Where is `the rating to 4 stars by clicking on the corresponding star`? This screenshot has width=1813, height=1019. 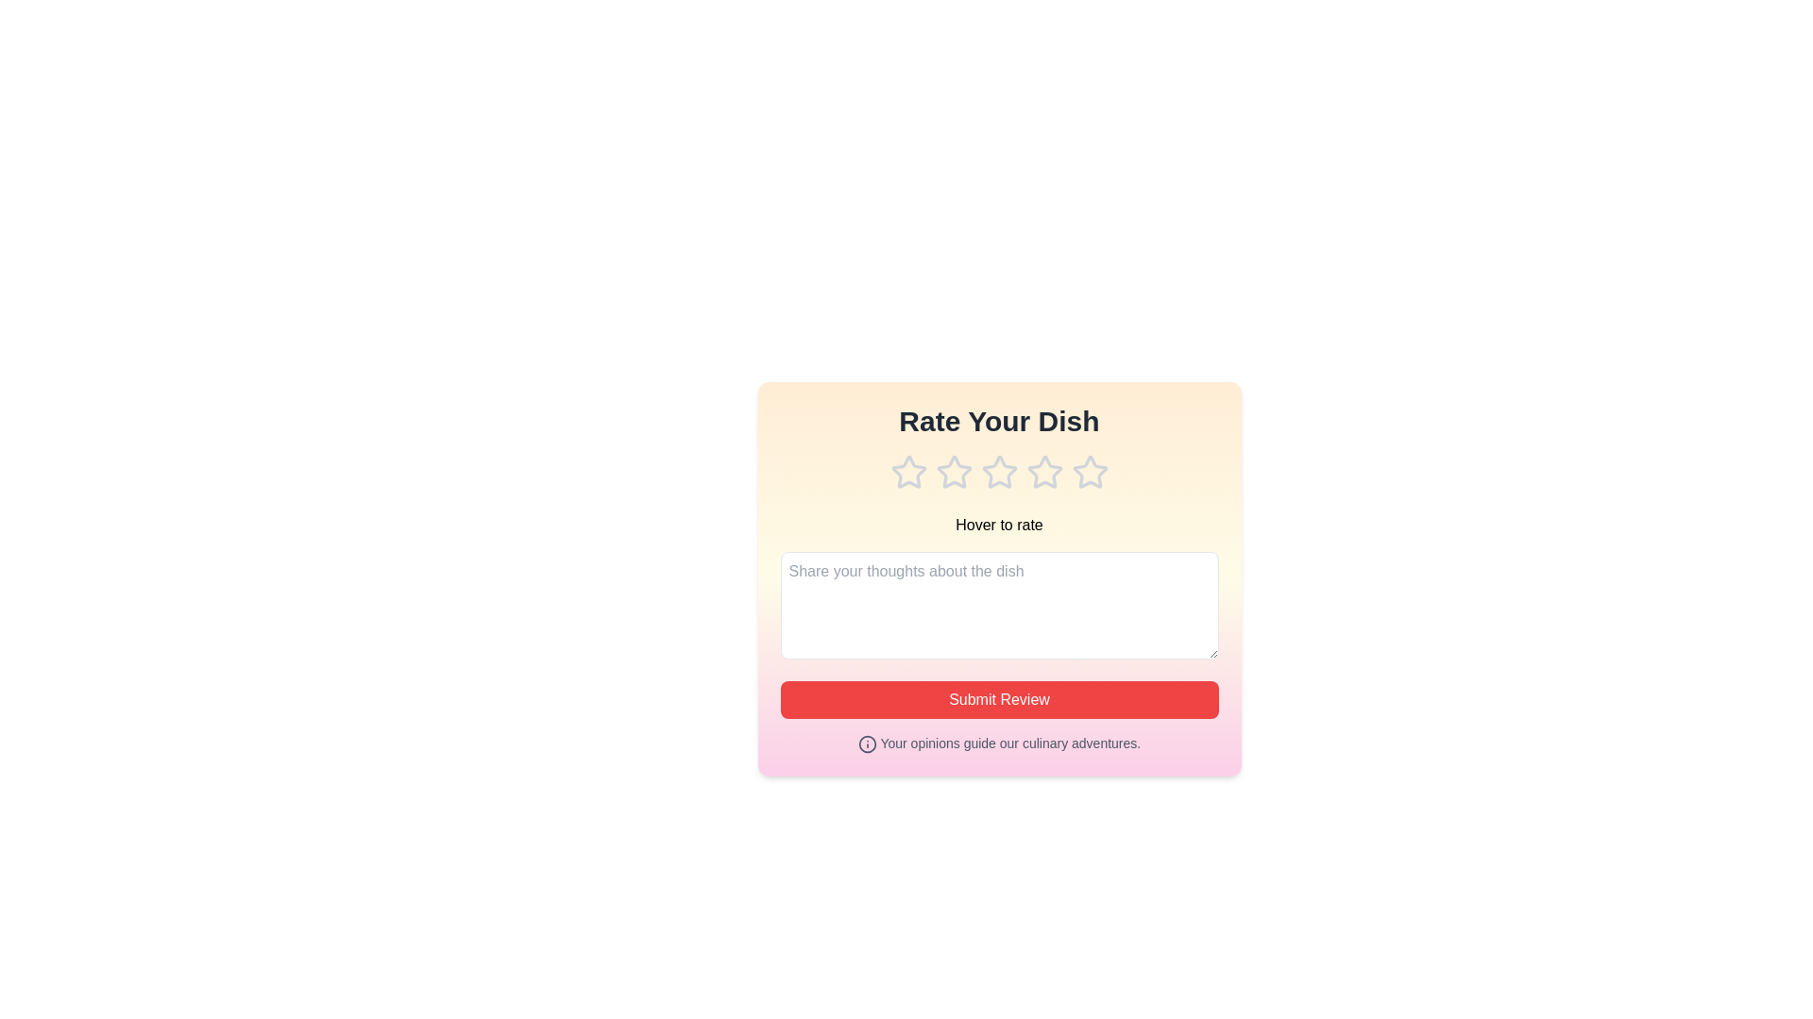
the rating to 4 stars by clicking on the corresponding star is located at coordinates (1043, 472).